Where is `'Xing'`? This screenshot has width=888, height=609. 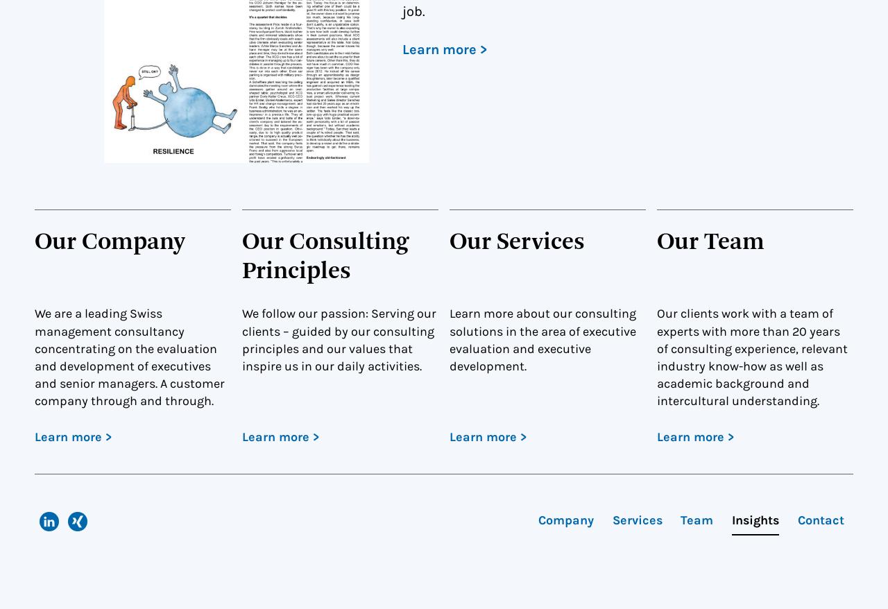 'Xing' is located at coordinates (99, 539).